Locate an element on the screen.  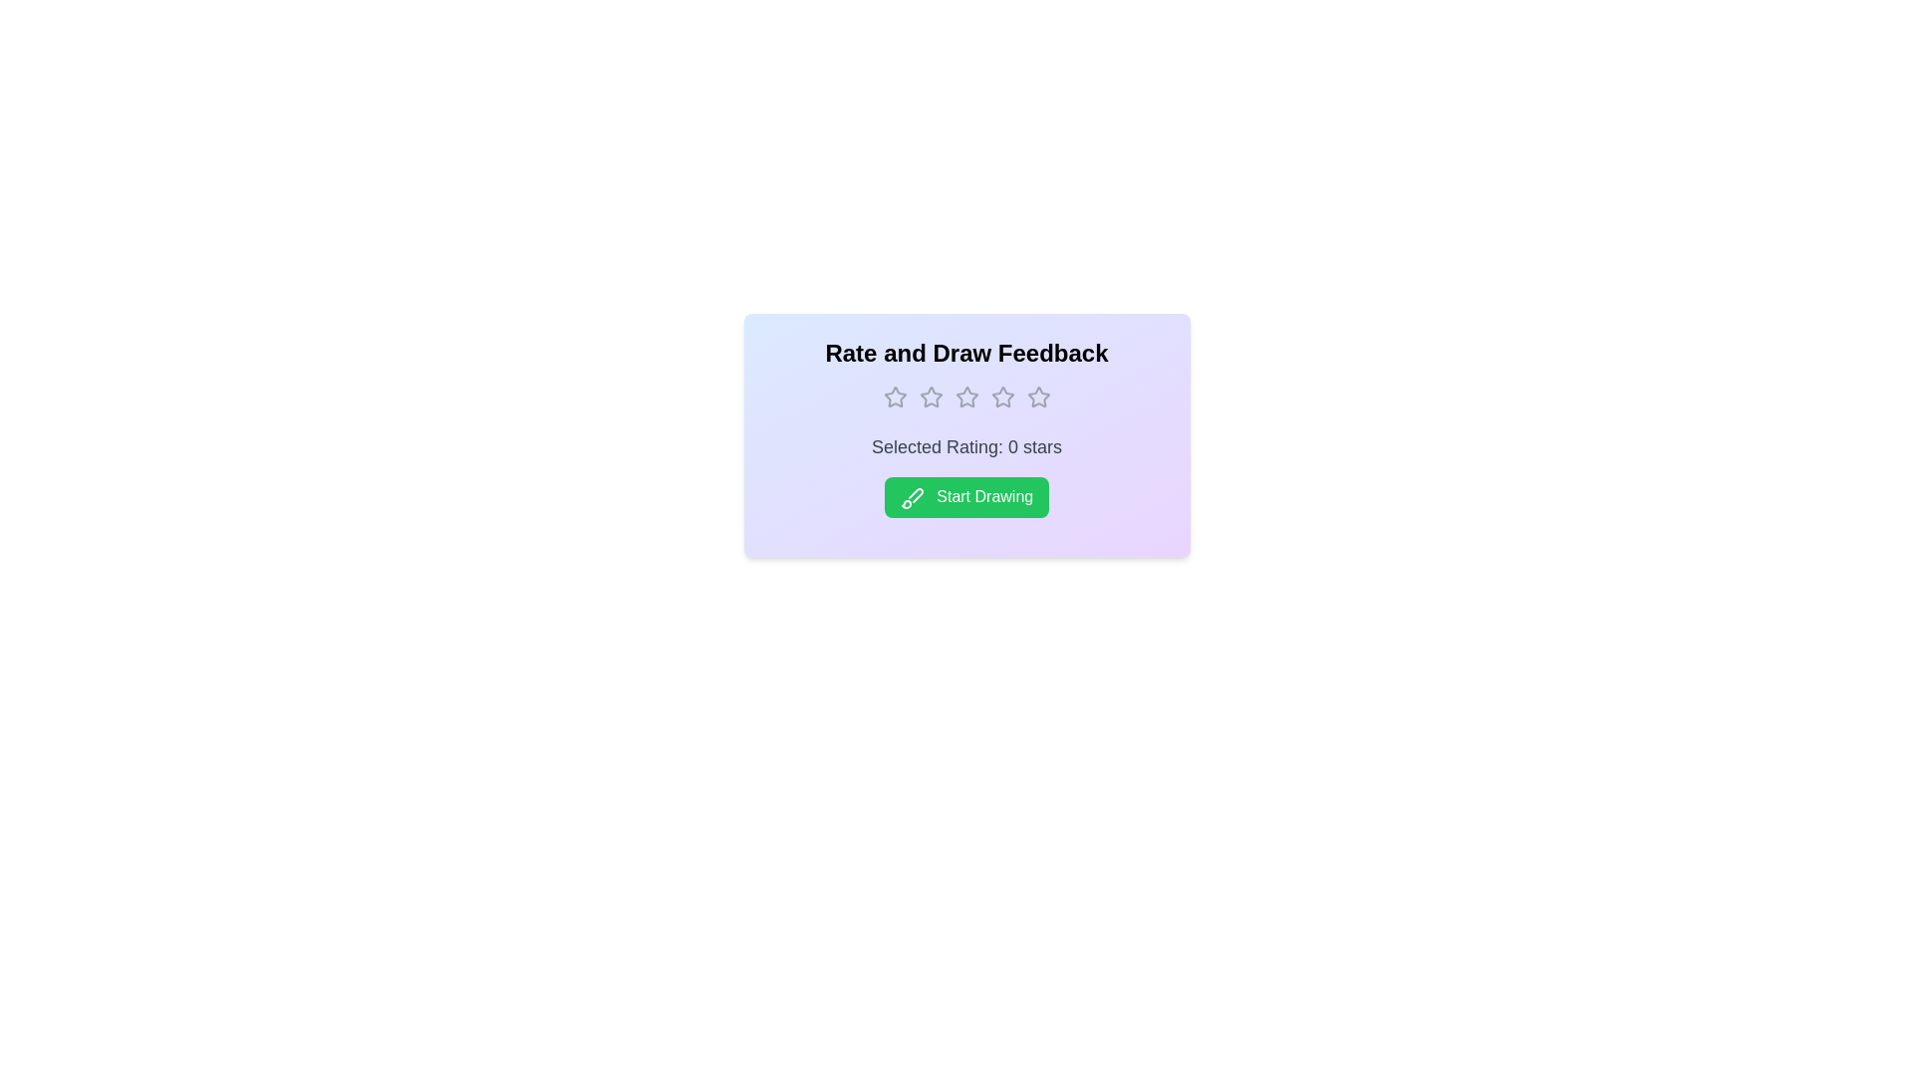
the rating to 4 stars by clicking on the corresponding star is located at coordinates (1002, 397).